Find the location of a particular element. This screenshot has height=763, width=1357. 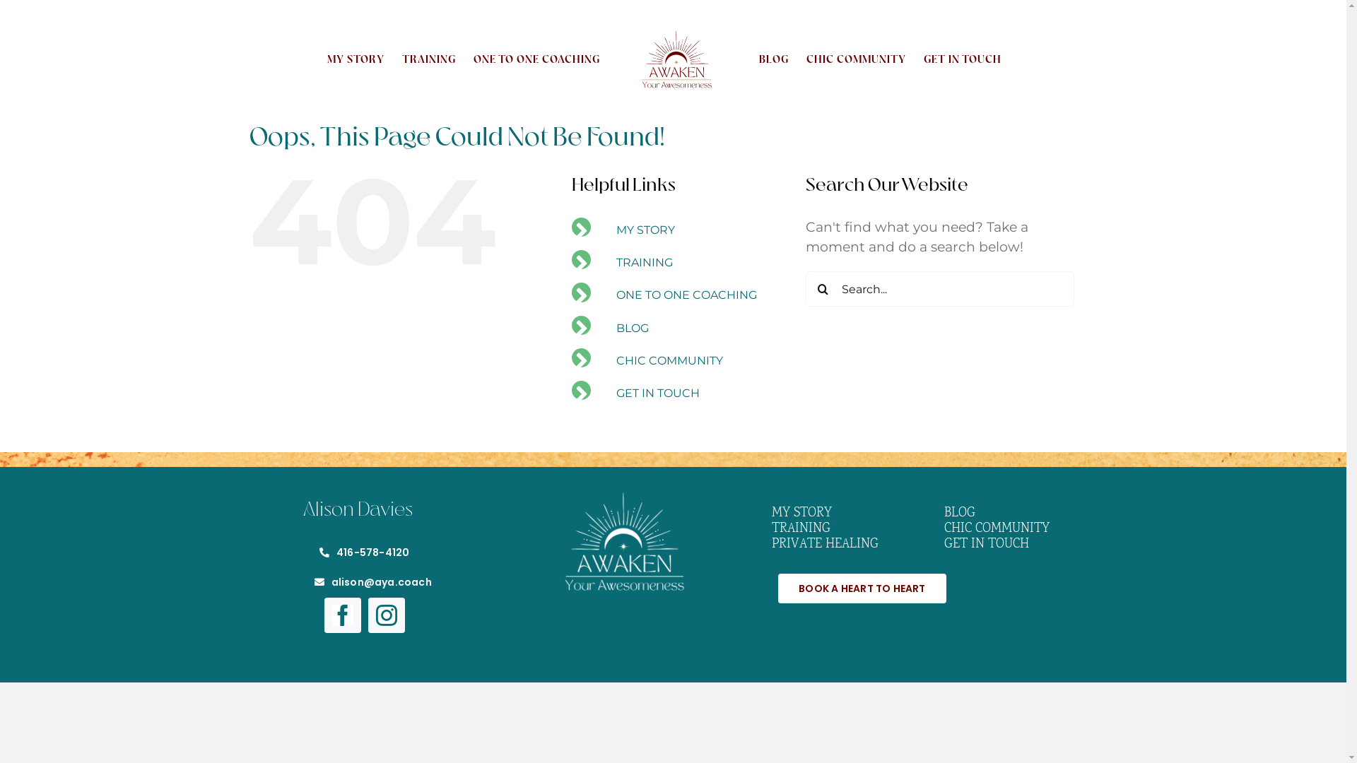

'MY STORY' is located at coordinates (356, 57).